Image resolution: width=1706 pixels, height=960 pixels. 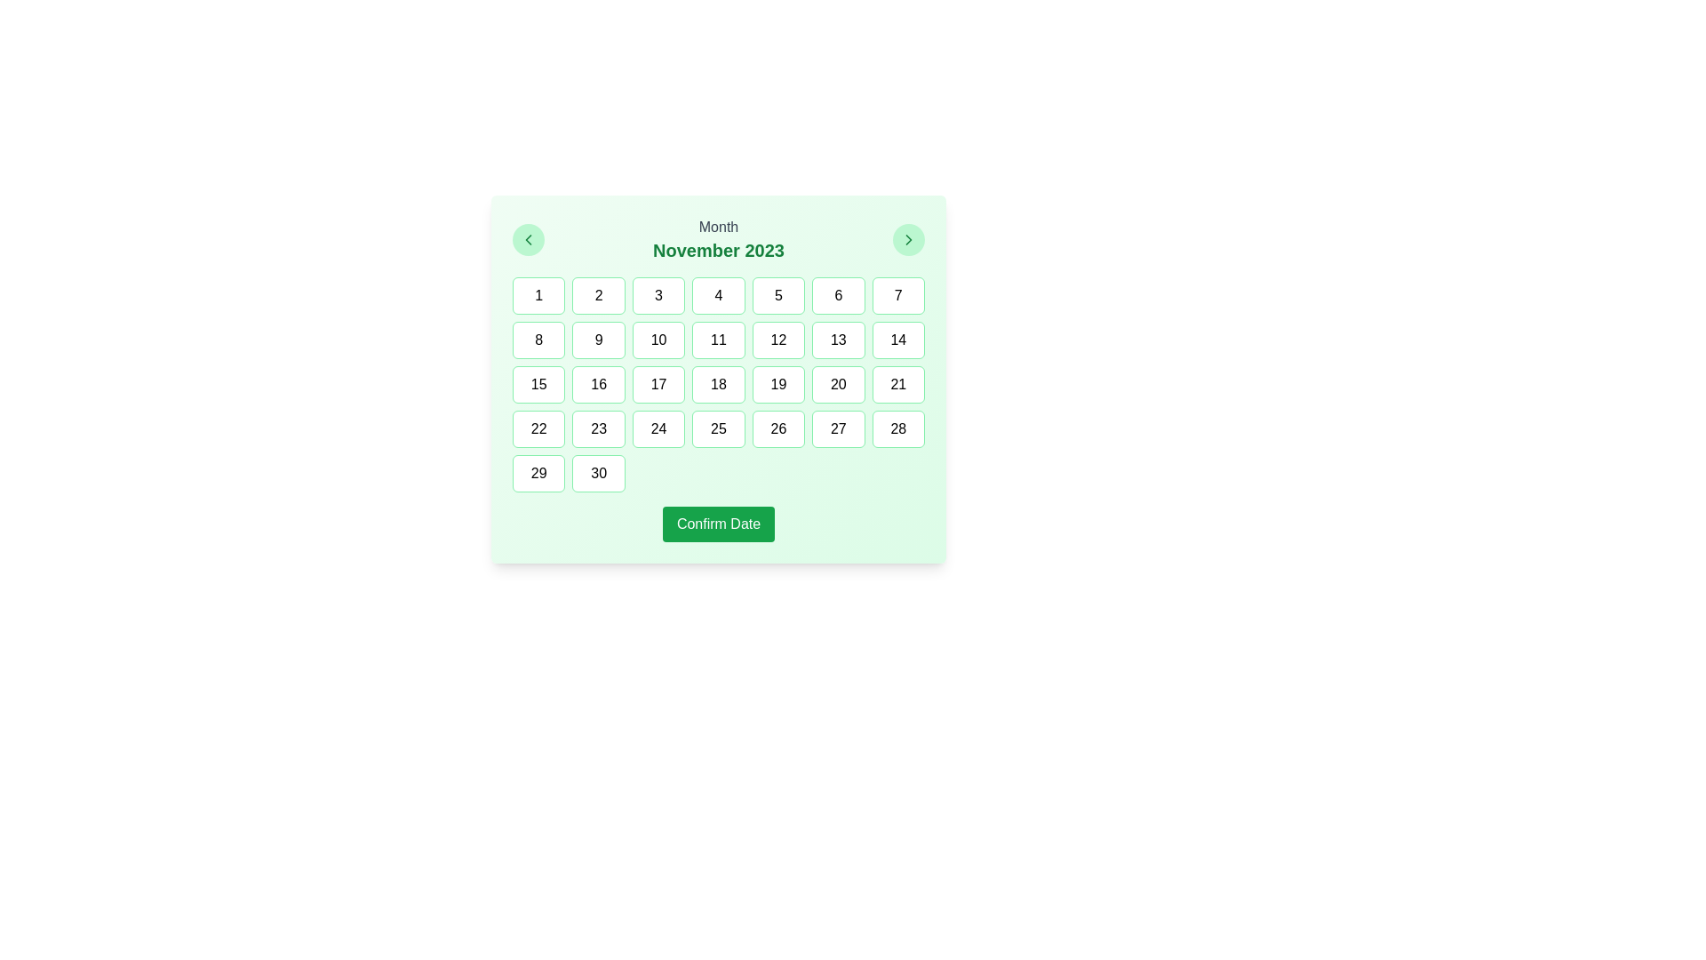 I want to click on the button that allows the user to select the 21st day in the calendar month, located in the third row and seventh column of the grid, to trigger the hover effect, so click(x=898, y=383).